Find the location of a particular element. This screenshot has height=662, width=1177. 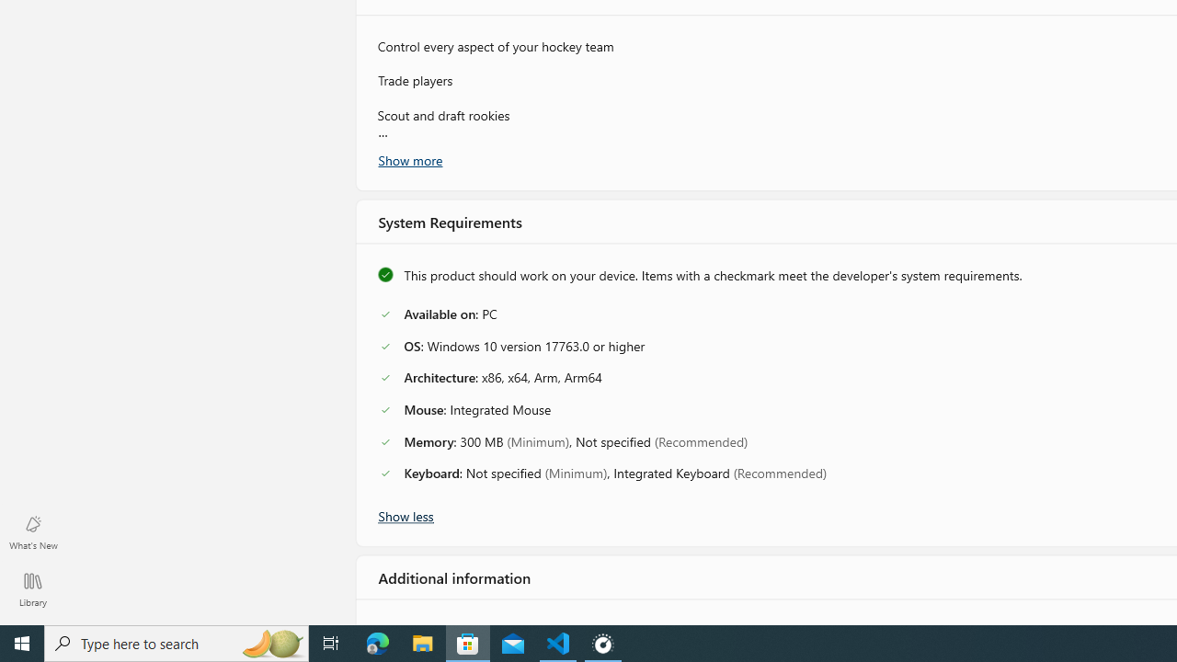

'What' is located at coordinates (32, 531).